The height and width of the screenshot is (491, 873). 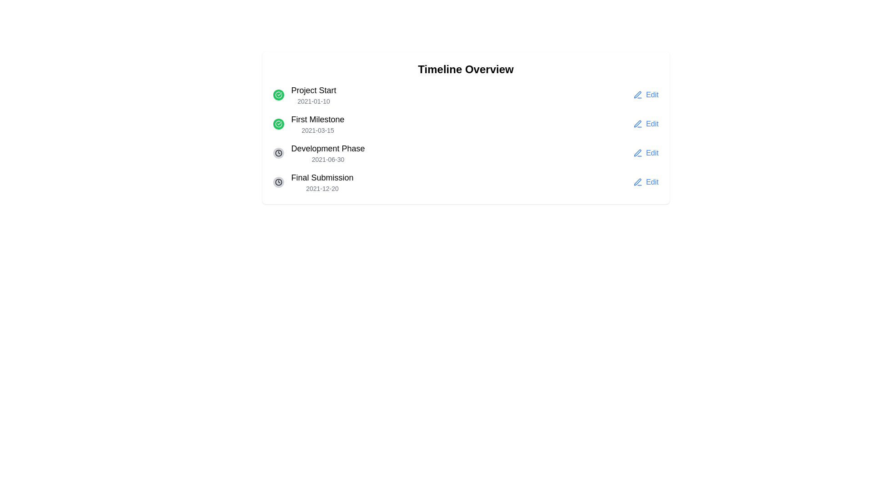 What do you see at coordinates (278, 95) in the screenshot?
I see `the small circular icon with a green background featuring a white checkmark, which is the second icon in the vertical sequence of timeline steps, located adjacent to the 'First Milestone' text and above the 'Development Phase' timeline step` at bounding box center [278, 95].